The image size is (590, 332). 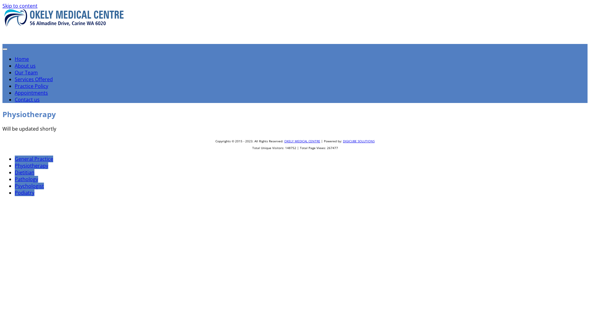 What do you see at coordinates (31, 165) in the screenshot?
I see `'Physiotherapy'` at bounding box center [31, 165].